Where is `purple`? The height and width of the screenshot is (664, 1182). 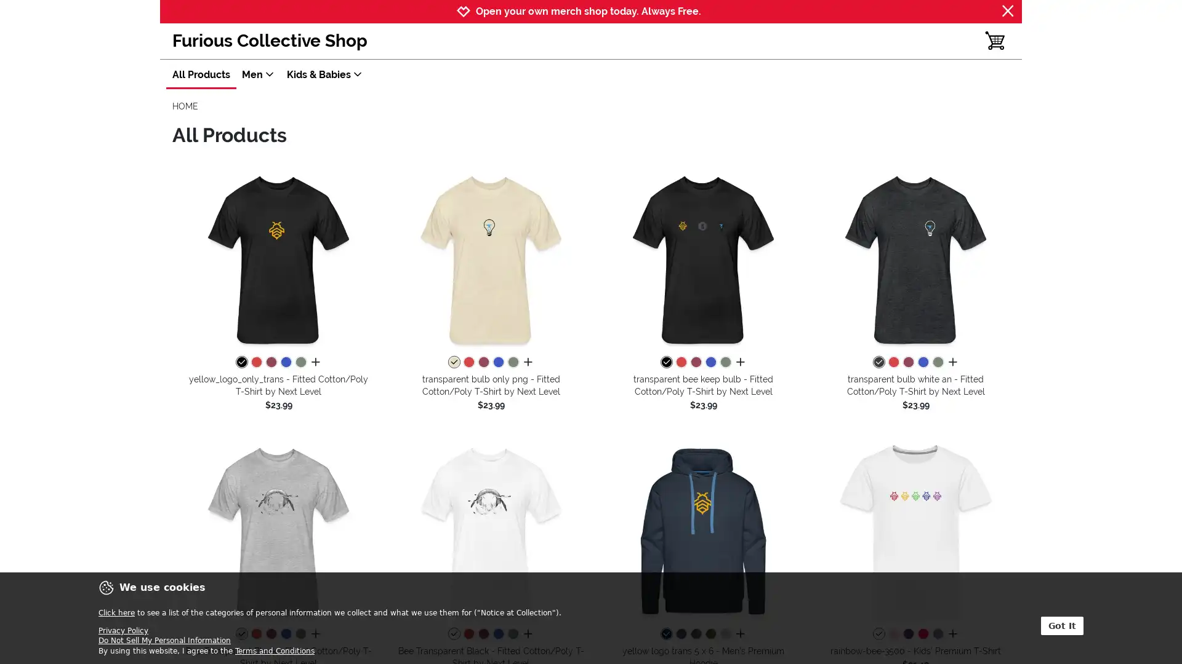
purple is located at coordinates (907, 634).